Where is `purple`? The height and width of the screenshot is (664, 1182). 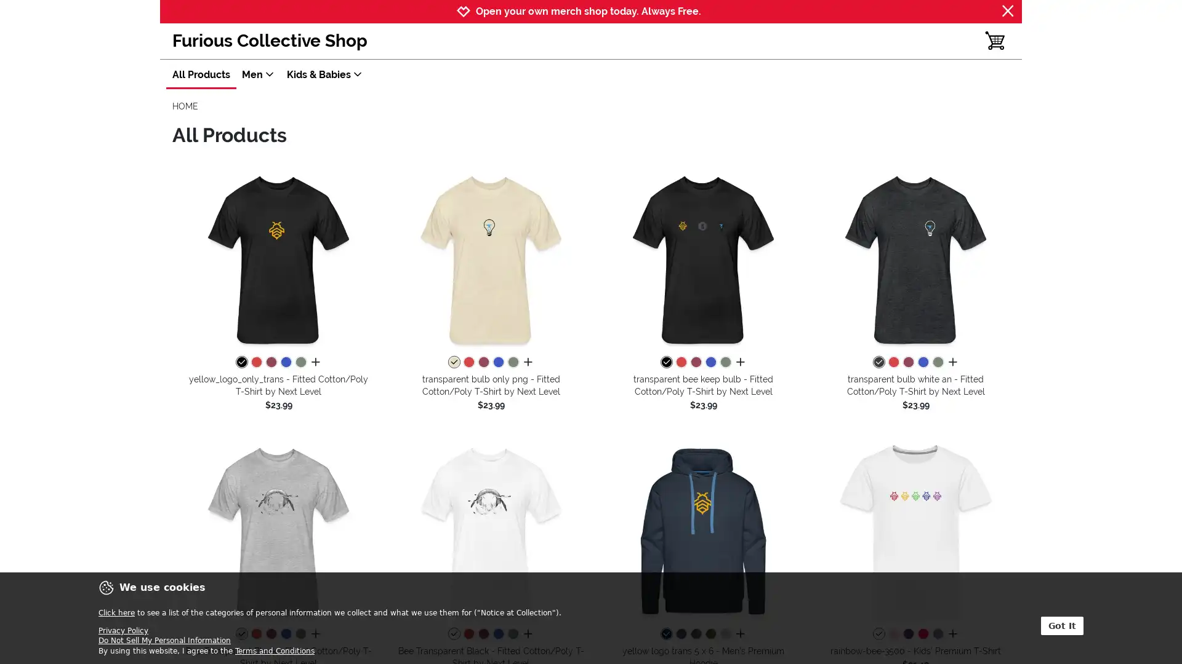
purple is located at coordinates (907, 634).